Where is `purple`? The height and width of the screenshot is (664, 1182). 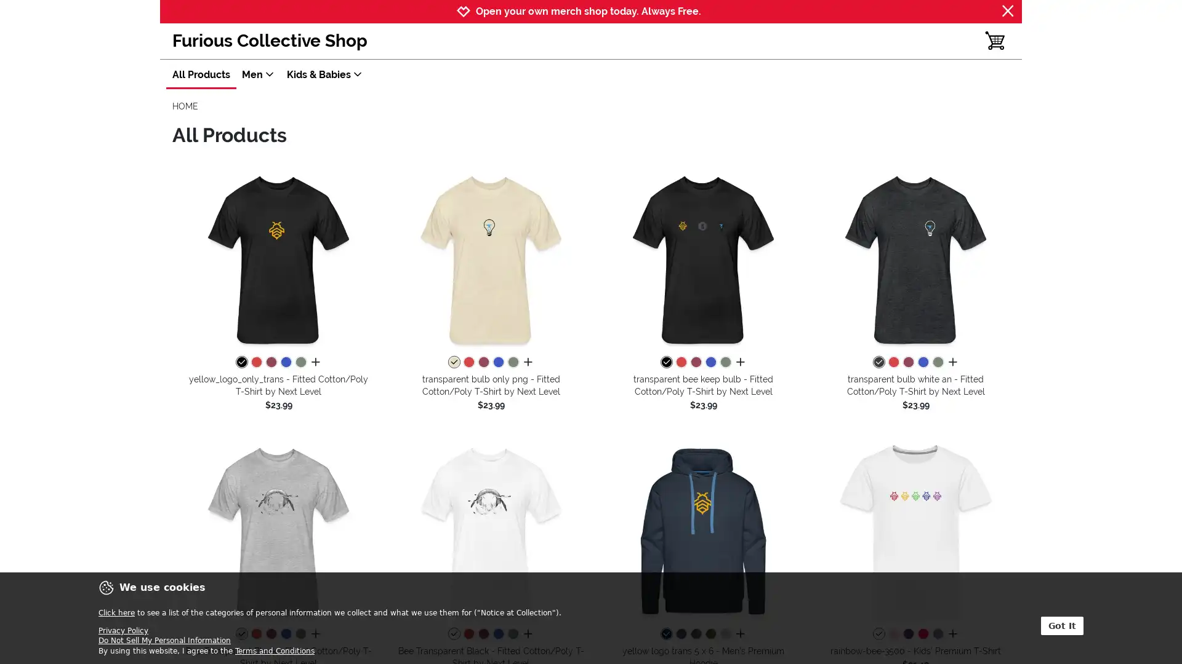
purple is located at coordinates (907, 634).